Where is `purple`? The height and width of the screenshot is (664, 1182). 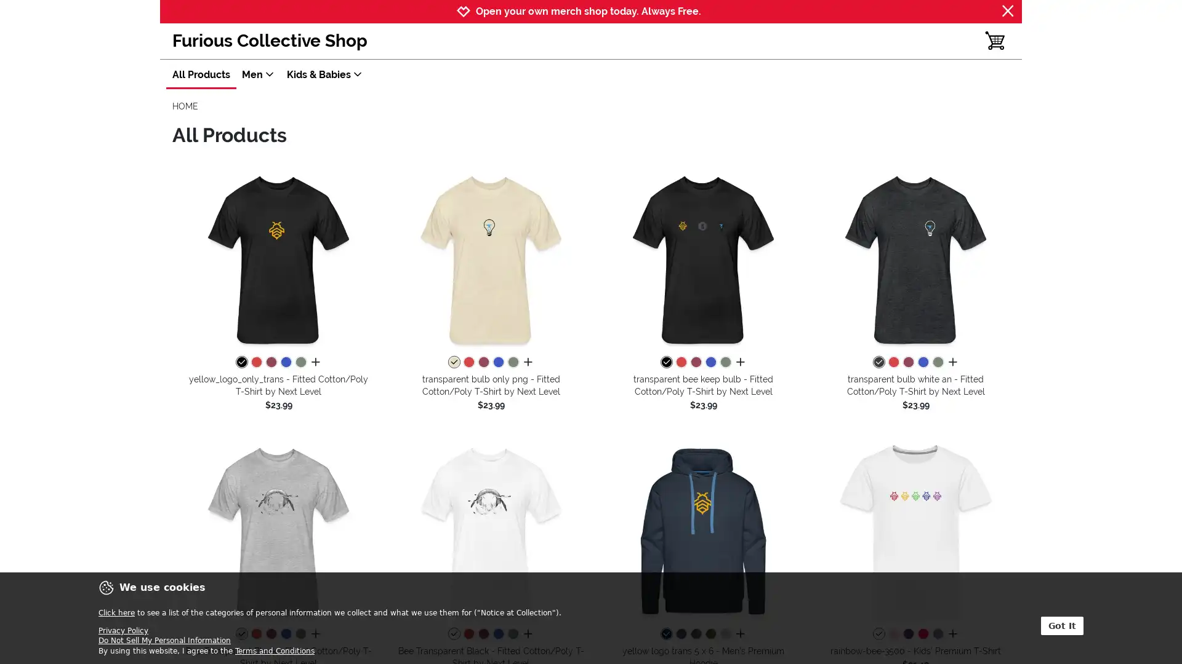
purple is located at coordinates (907, 634).